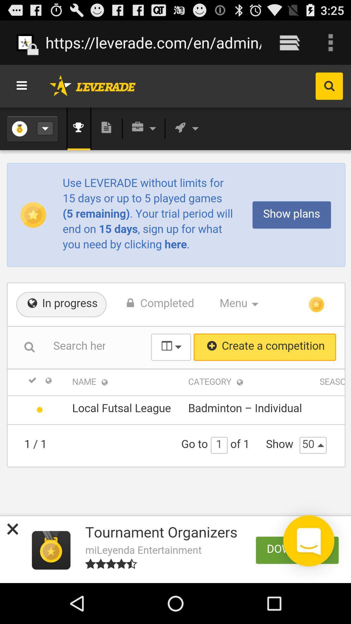 The width and height of the screenshot is (351, 624). Describe the element at coordinates (175, 324) in the screenshot. I see `item at the center` at that location.